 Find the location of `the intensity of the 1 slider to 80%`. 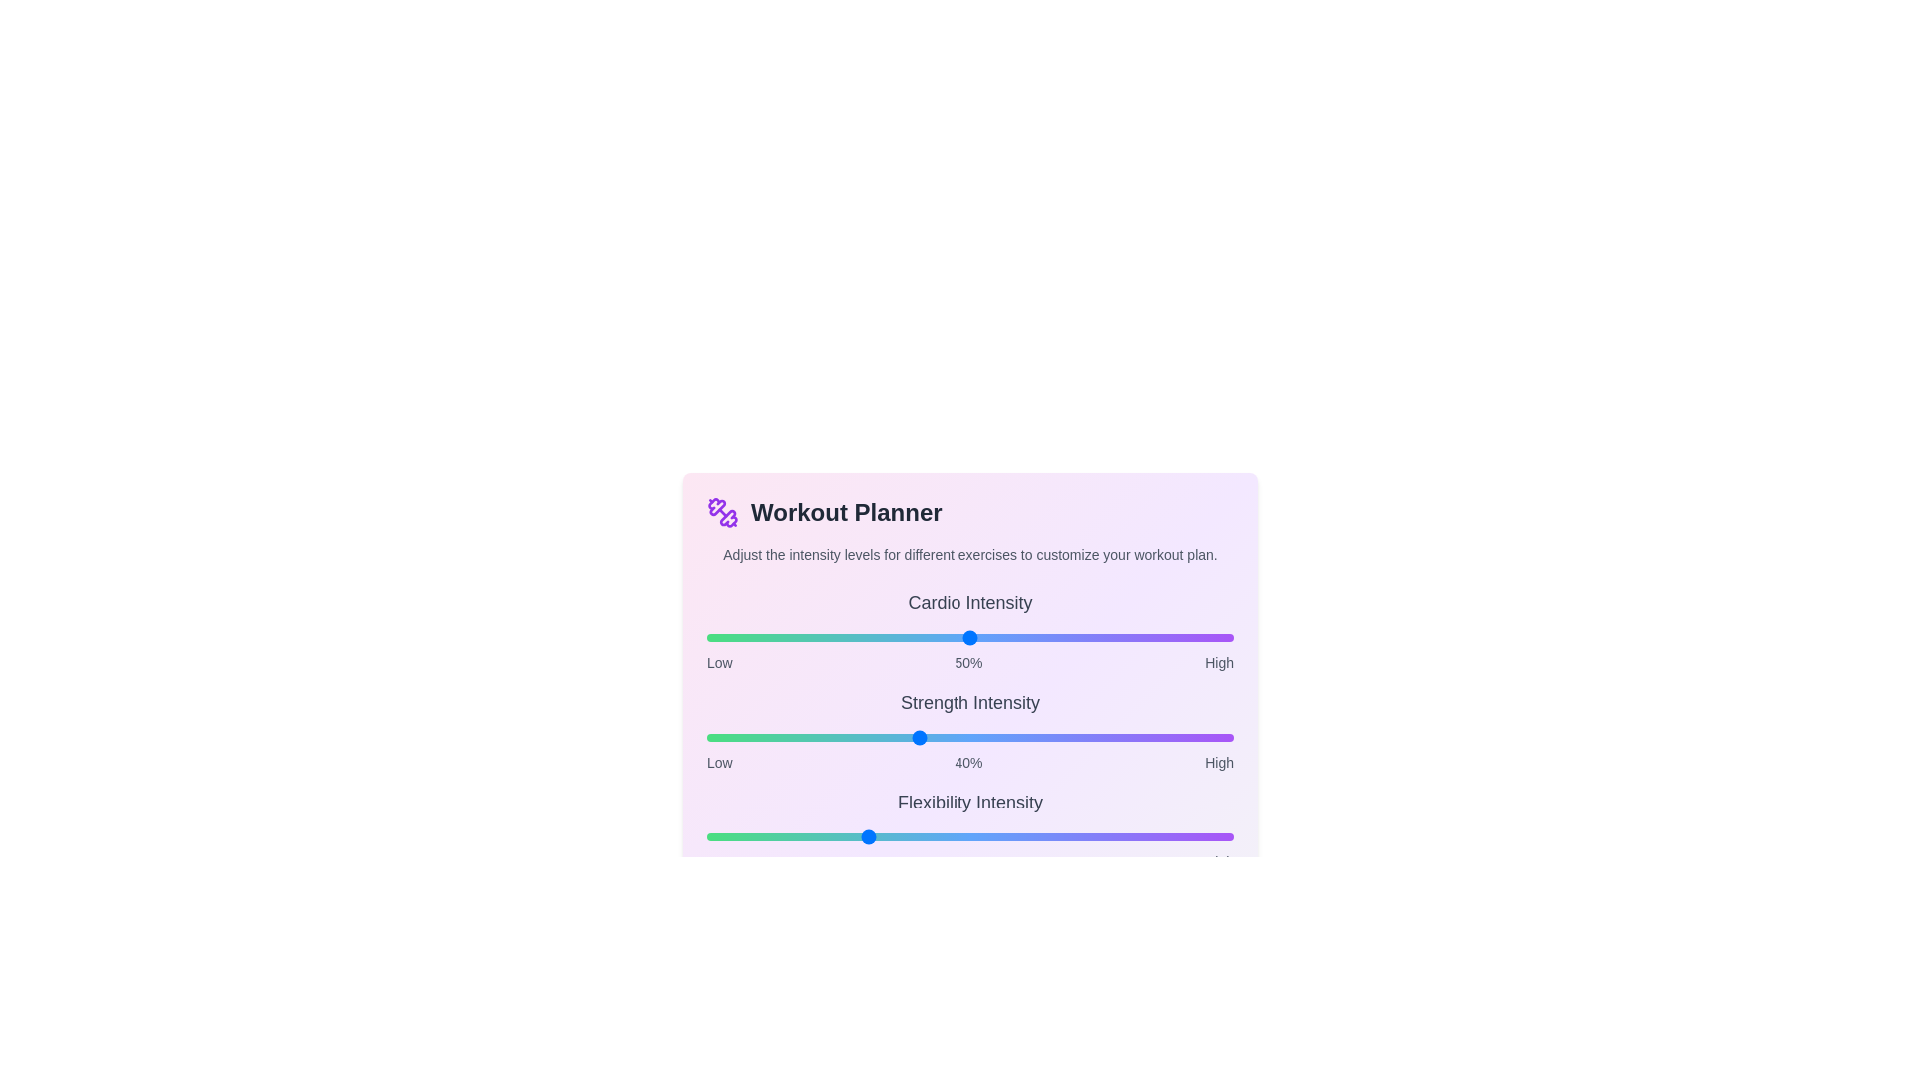

the intensity of the 1 slider to 80% is located at coordinates (1128, 738).